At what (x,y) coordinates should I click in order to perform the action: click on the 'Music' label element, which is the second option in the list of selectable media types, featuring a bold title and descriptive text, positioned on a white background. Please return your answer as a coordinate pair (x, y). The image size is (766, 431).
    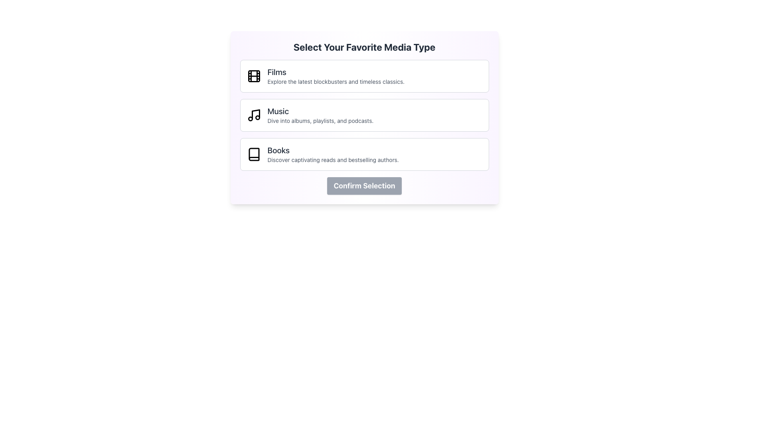
    Looking at the image, I should click on (320, 115).